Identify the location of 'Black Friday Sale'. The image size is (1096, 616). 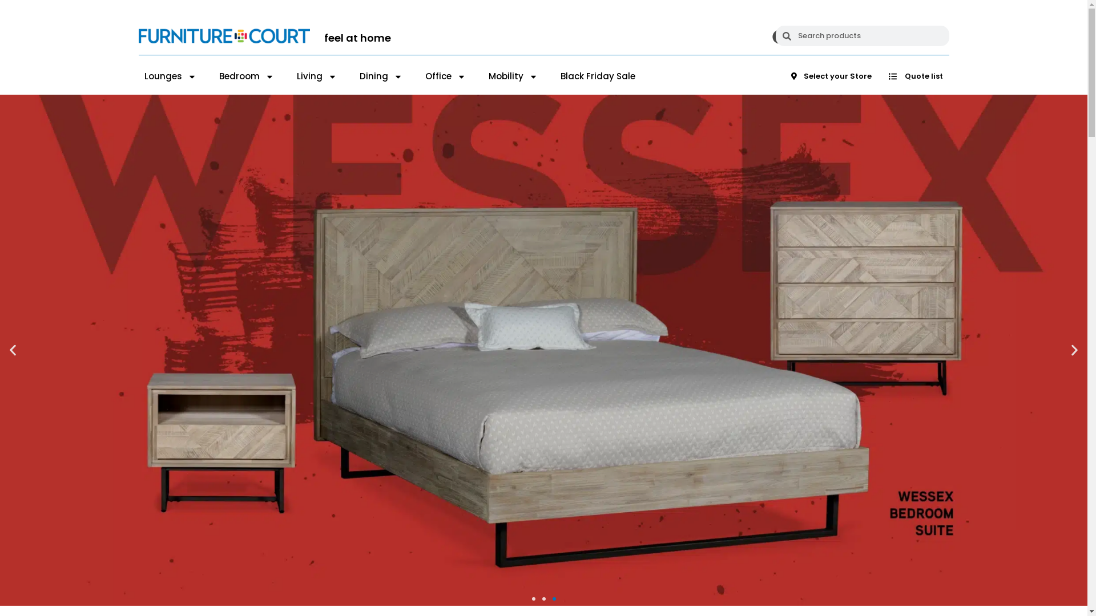
(597, 76).